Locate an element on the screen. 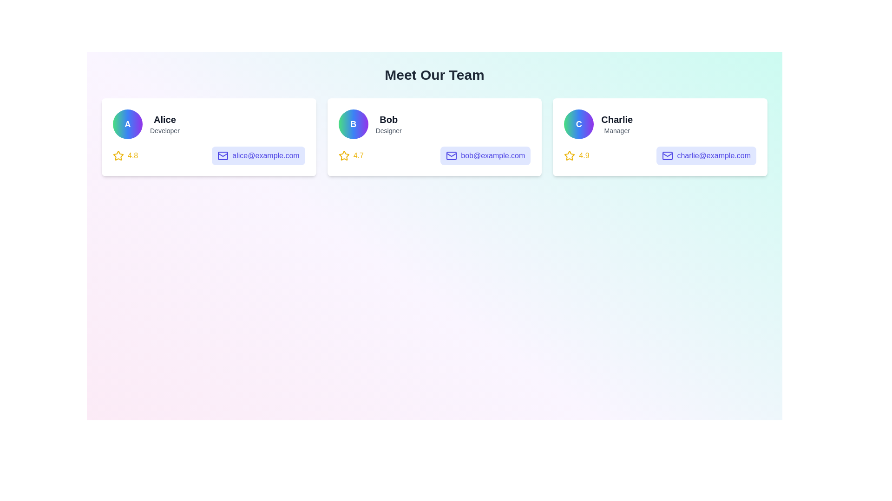 This screenshot has height=501, width=892. the star-shaped rating icon outlined in yellow with a transparent fill, located in the lower-left corner of Alice's profile card, before the numerical rating '4.8' is located at coordinates (118, 155).